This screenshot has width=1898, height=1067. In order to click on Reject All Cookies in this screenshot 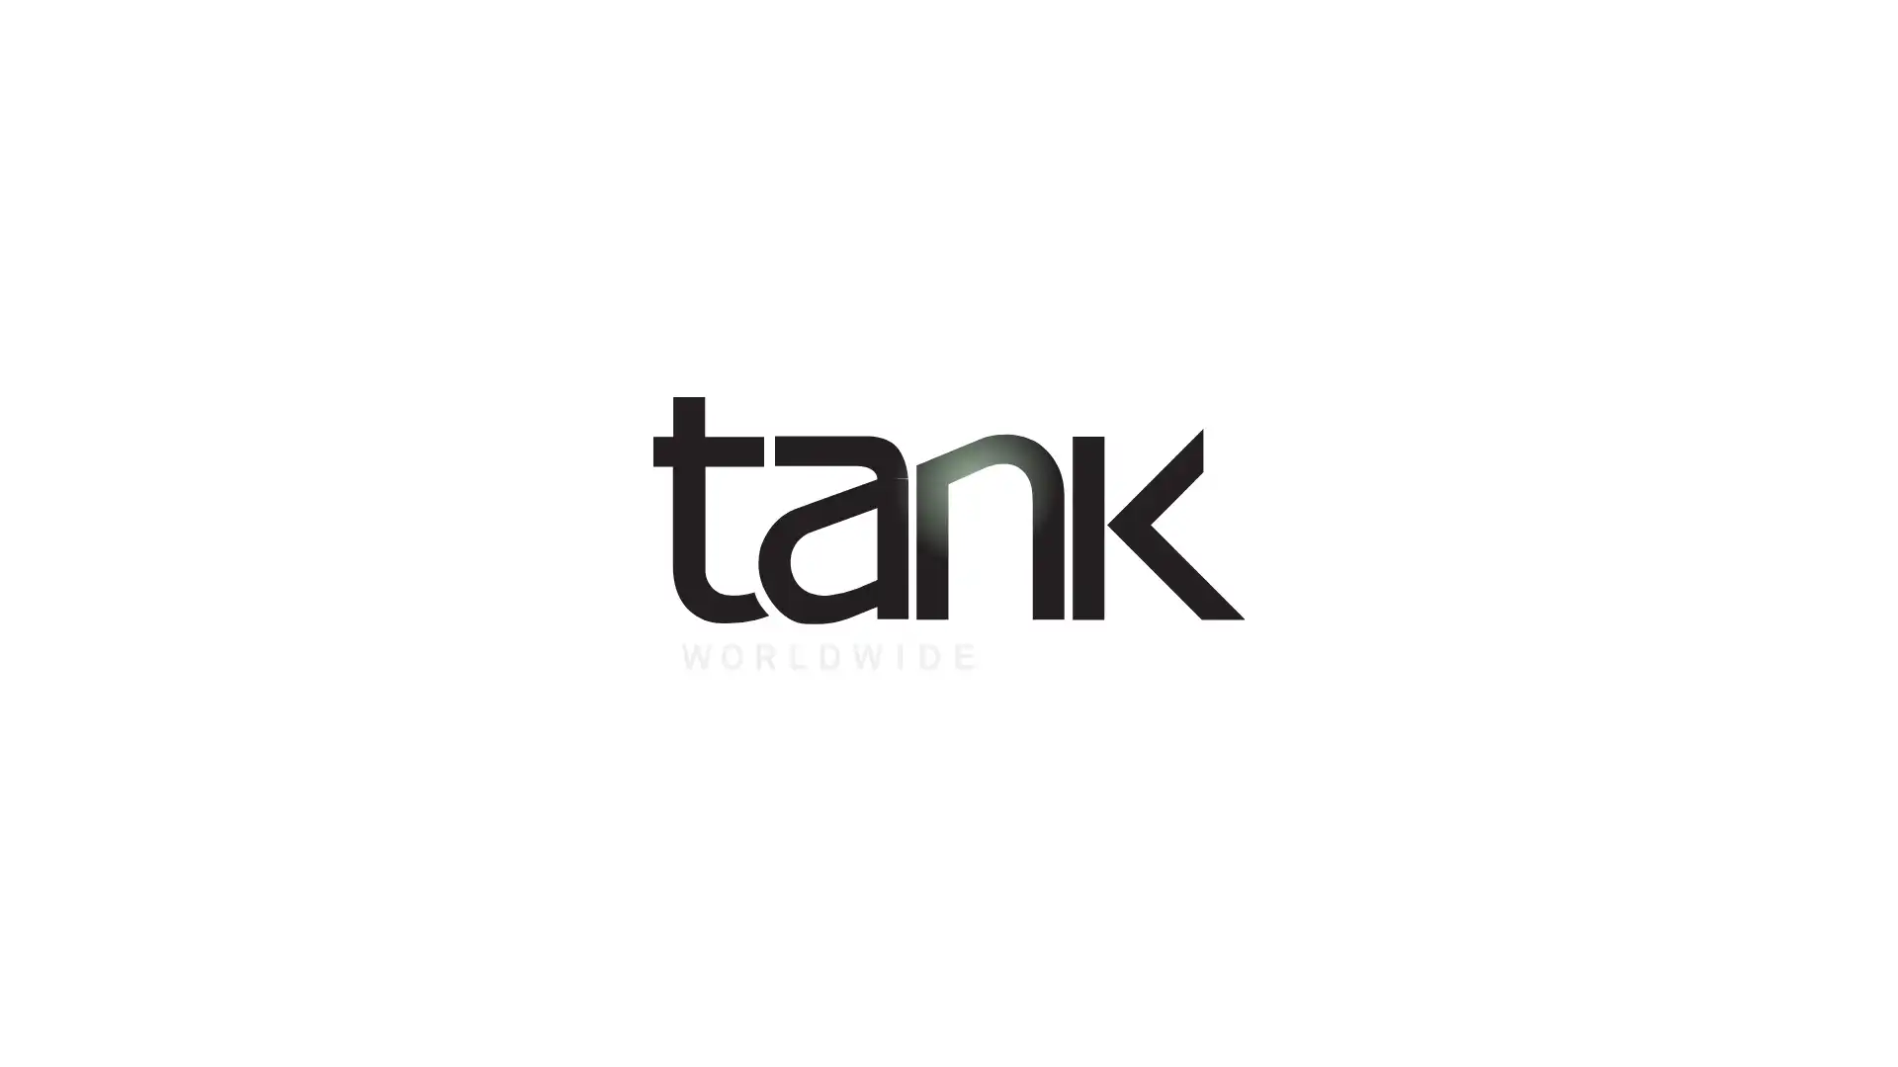, I will do `click(1447, 1035)`.